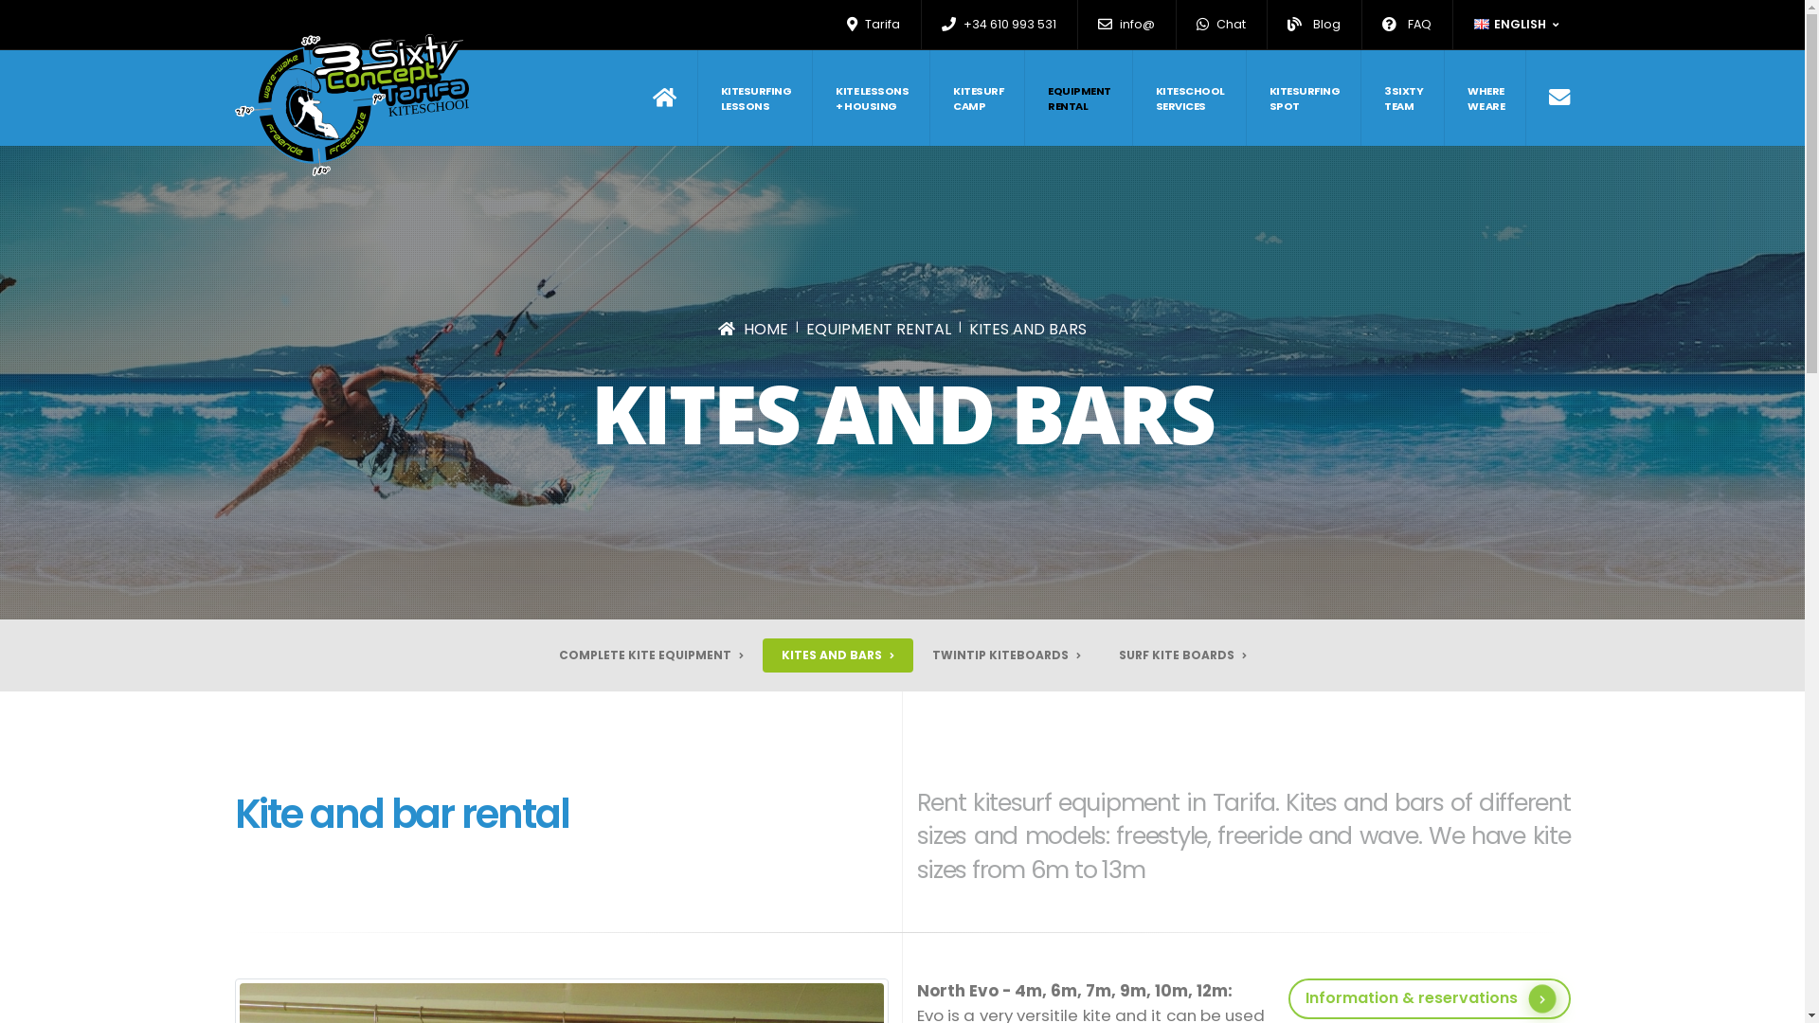 This screenshot has width=1819, height=1023. I want to click on 'KITES AND BARS', so click(836, 654).